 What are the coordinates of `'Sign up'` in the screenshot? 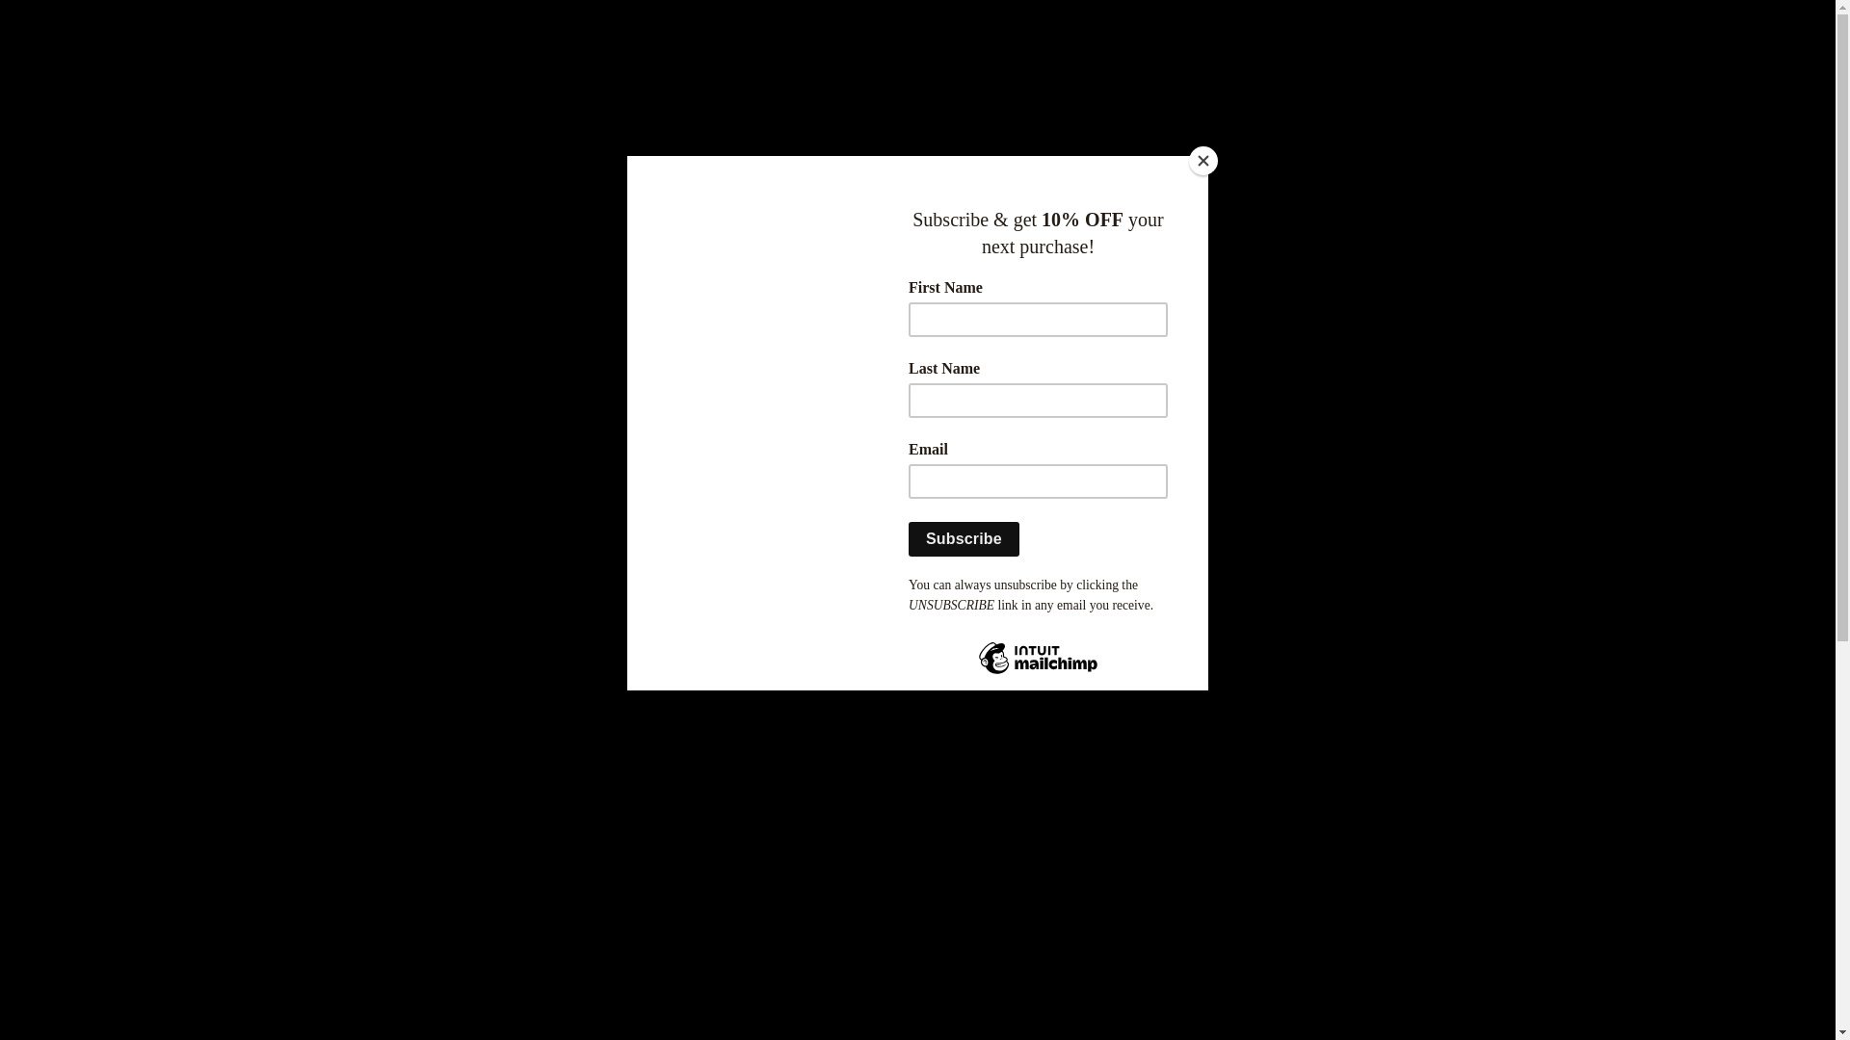 It's located at (933, 88).